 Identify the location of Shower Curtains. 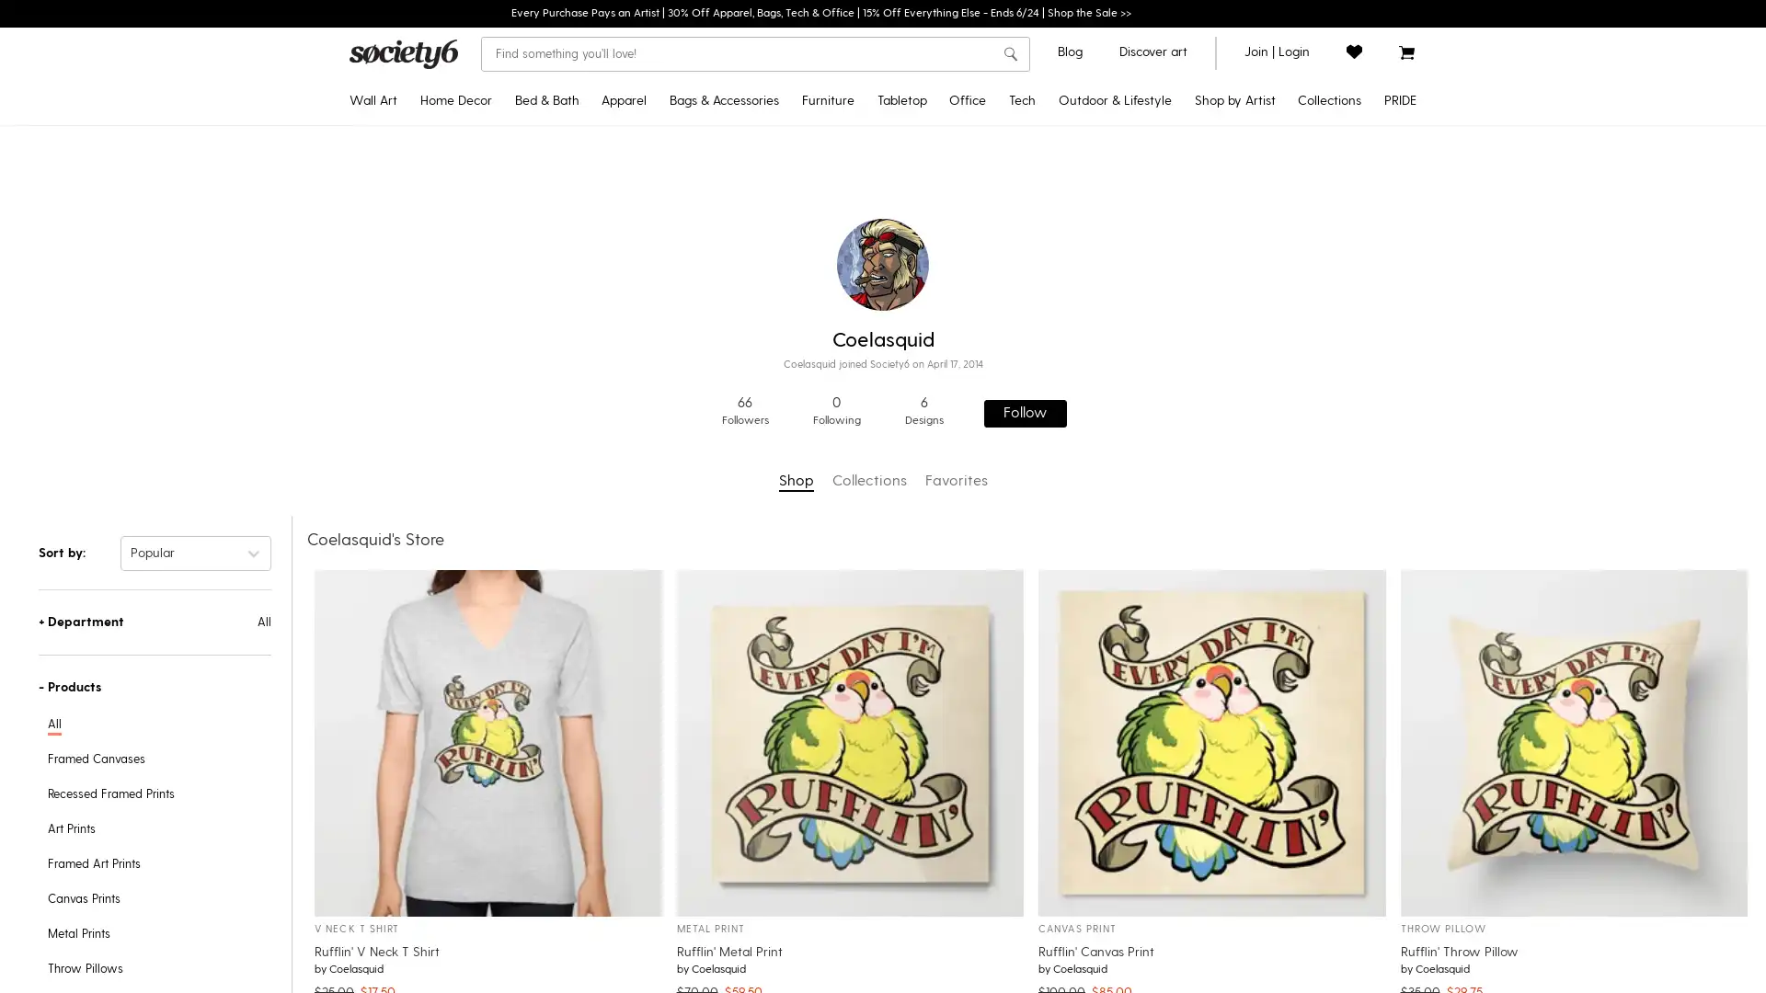
(586, 235).